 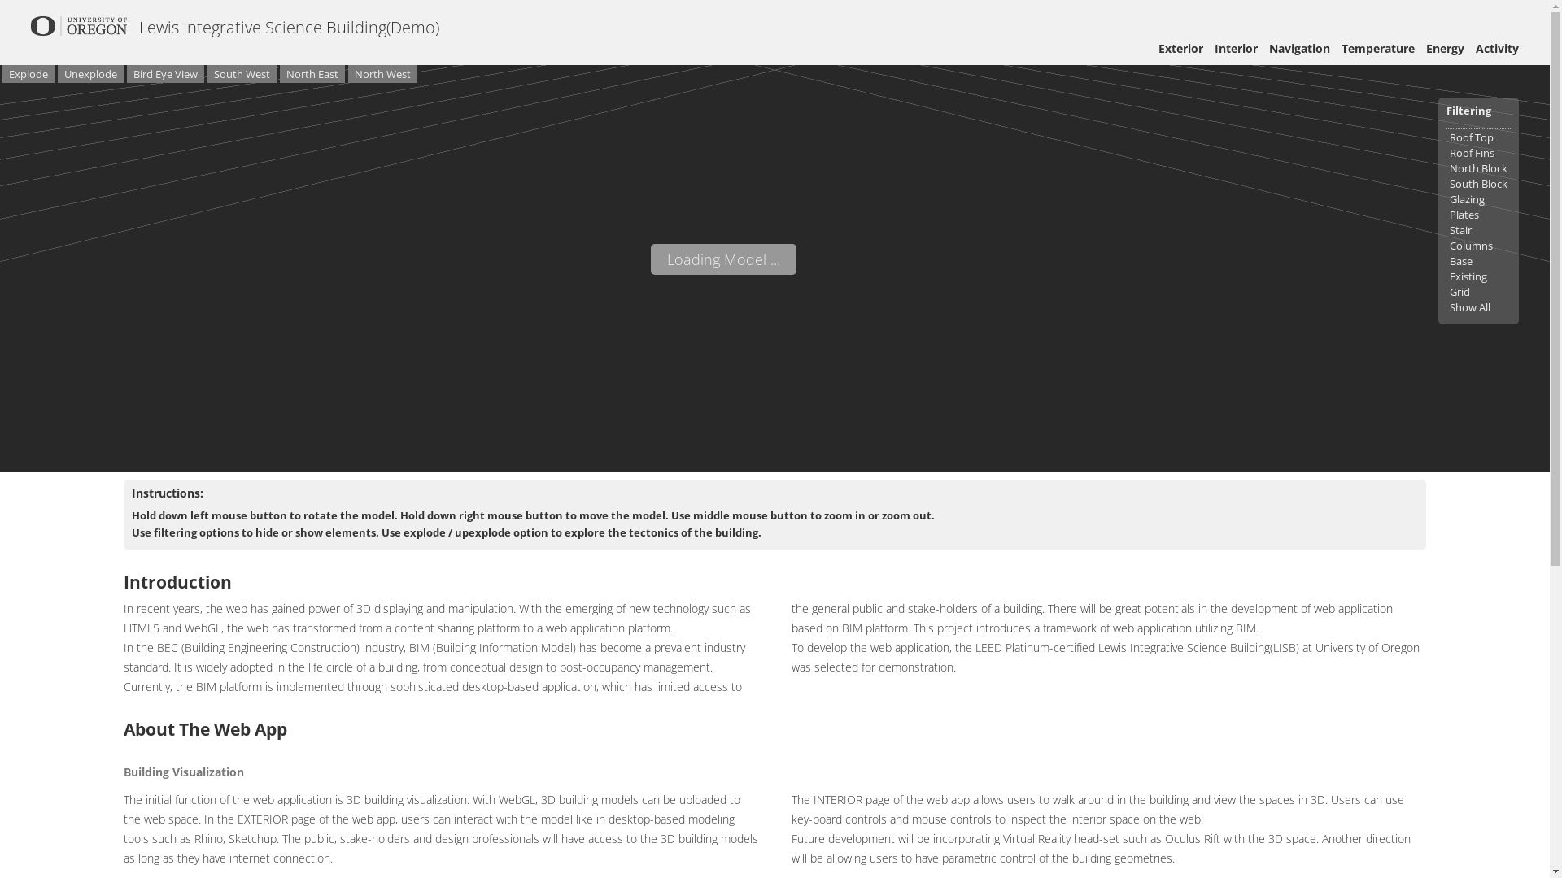 What do you see at coordinates (28, 74) in the screenshot?
I see `'Explode'` at bounding box center [28, 74].